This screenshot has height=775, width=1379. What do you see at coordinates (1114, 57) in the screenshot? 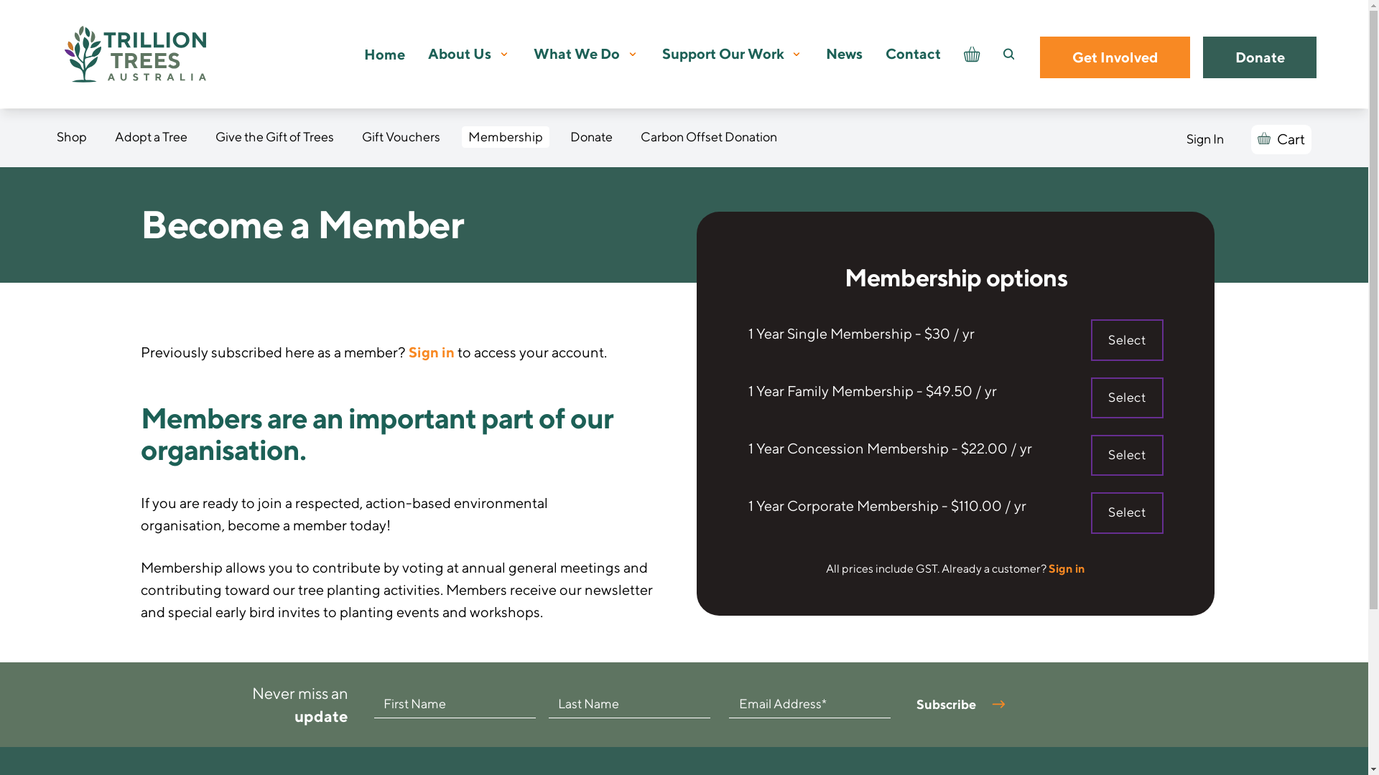
I see `'Get Involved'` at bounding box center [1114, 57].